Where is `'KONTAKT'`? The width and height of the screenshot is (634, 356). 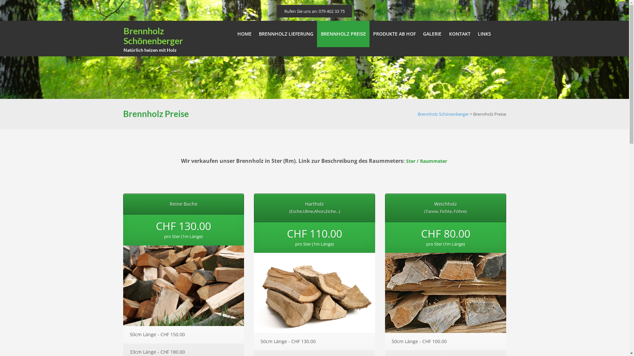 'KONTAKT' is located at coordinates (459, 34).